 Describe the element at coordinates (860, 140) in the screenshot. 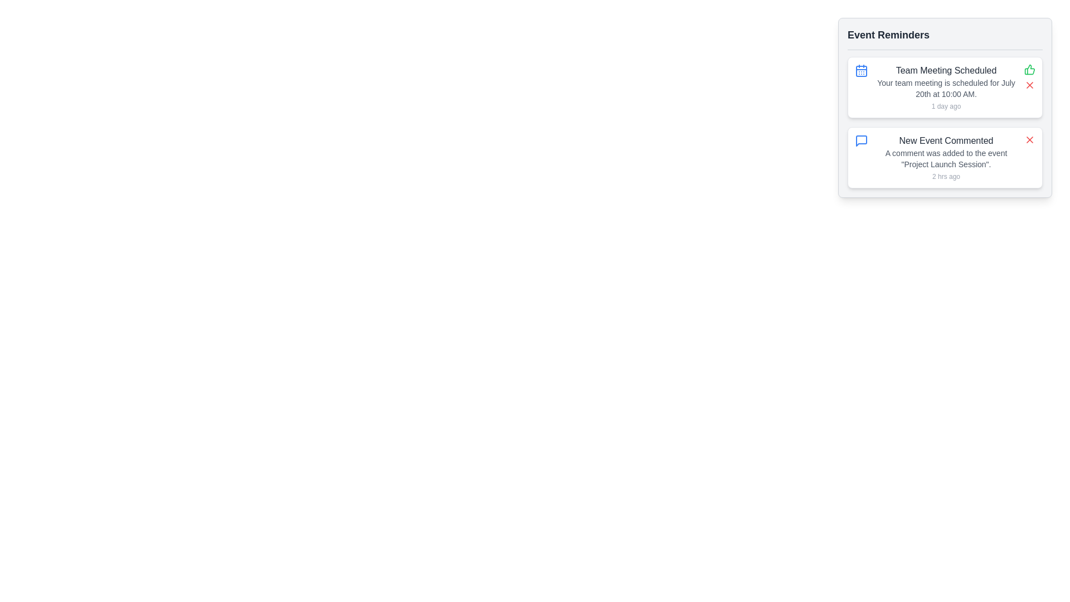

I see `the small, square-shaped blue speech bubble icon located at the top-left corner of the notification block containing the text 'New Event Commented'` at that location.